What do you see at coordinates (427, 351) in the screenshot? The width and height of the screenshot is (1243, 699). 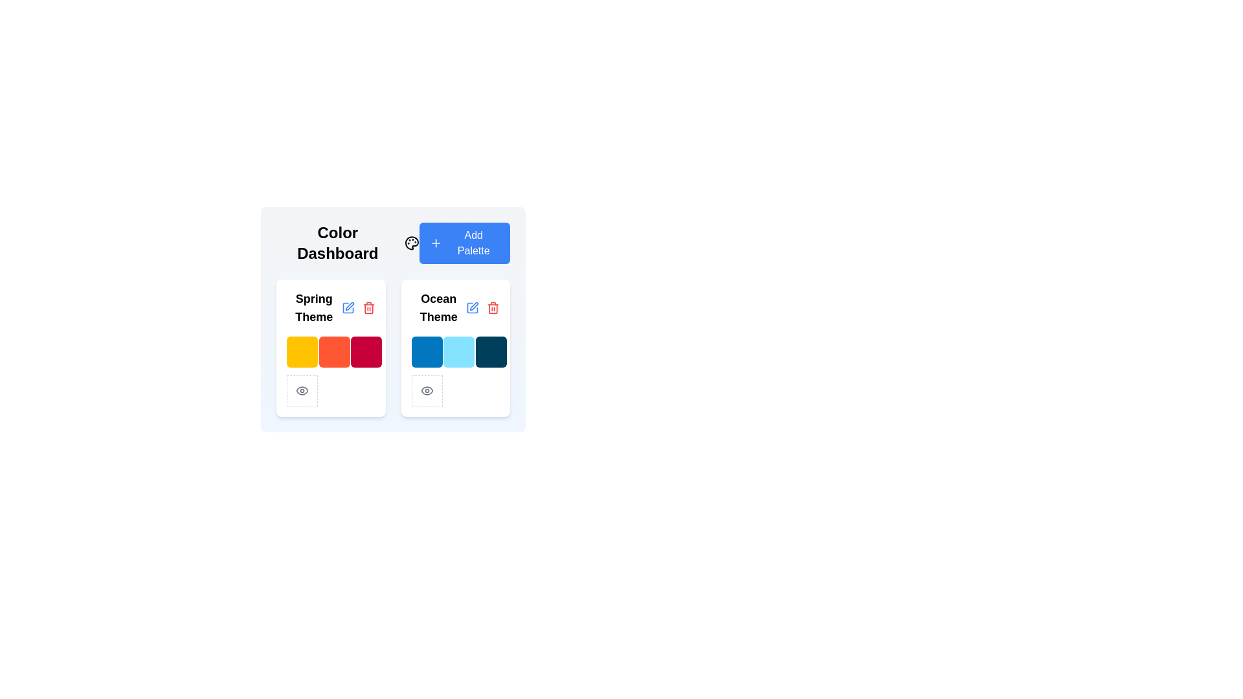 I see `the first color block in the 3x3 grid layout under the 'Ocean Theme' section` at bounding box center [427, 351].